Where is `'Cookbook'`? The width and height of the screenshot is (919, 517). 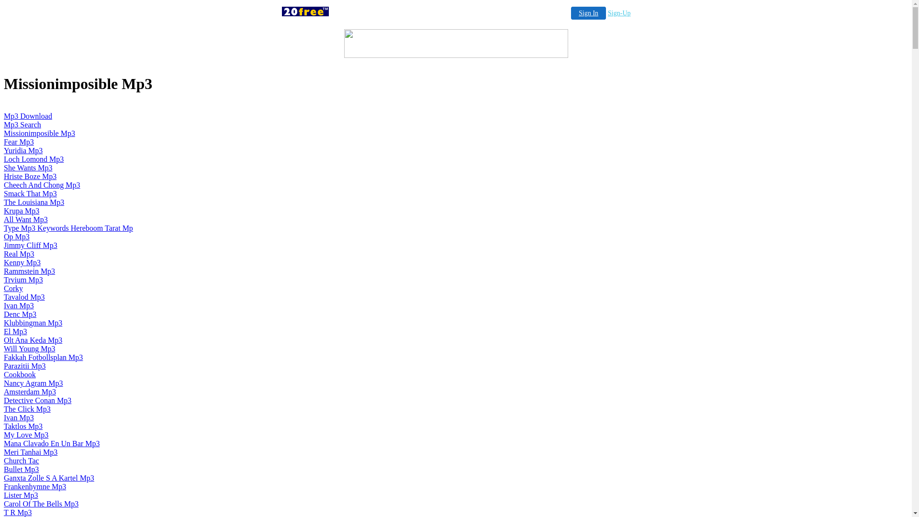
'Cookbook' is located at coordinates (20, 374).